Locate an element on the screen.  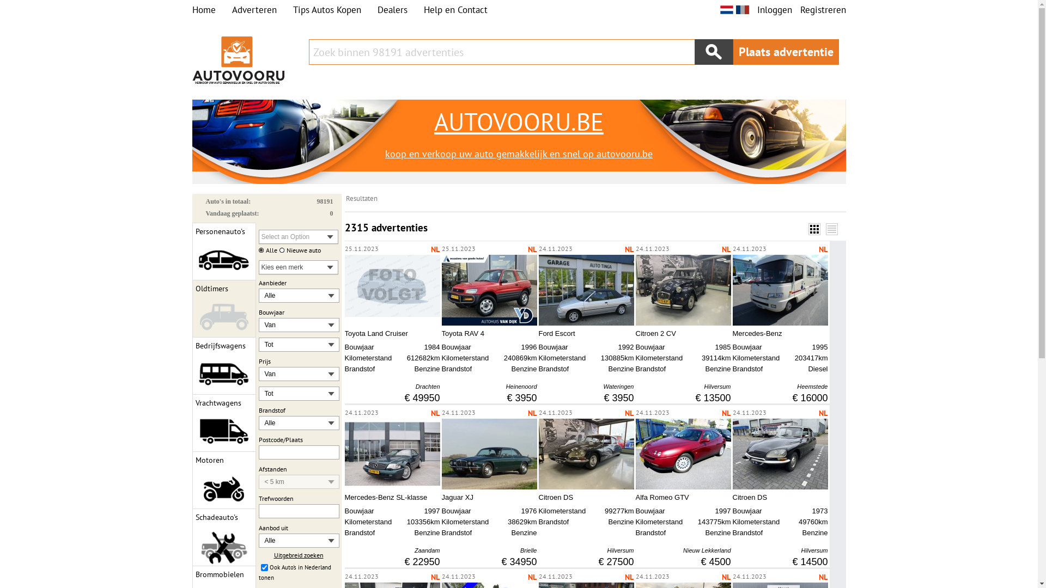
'Vrachtwagens' is located at coordinates (223, 422).